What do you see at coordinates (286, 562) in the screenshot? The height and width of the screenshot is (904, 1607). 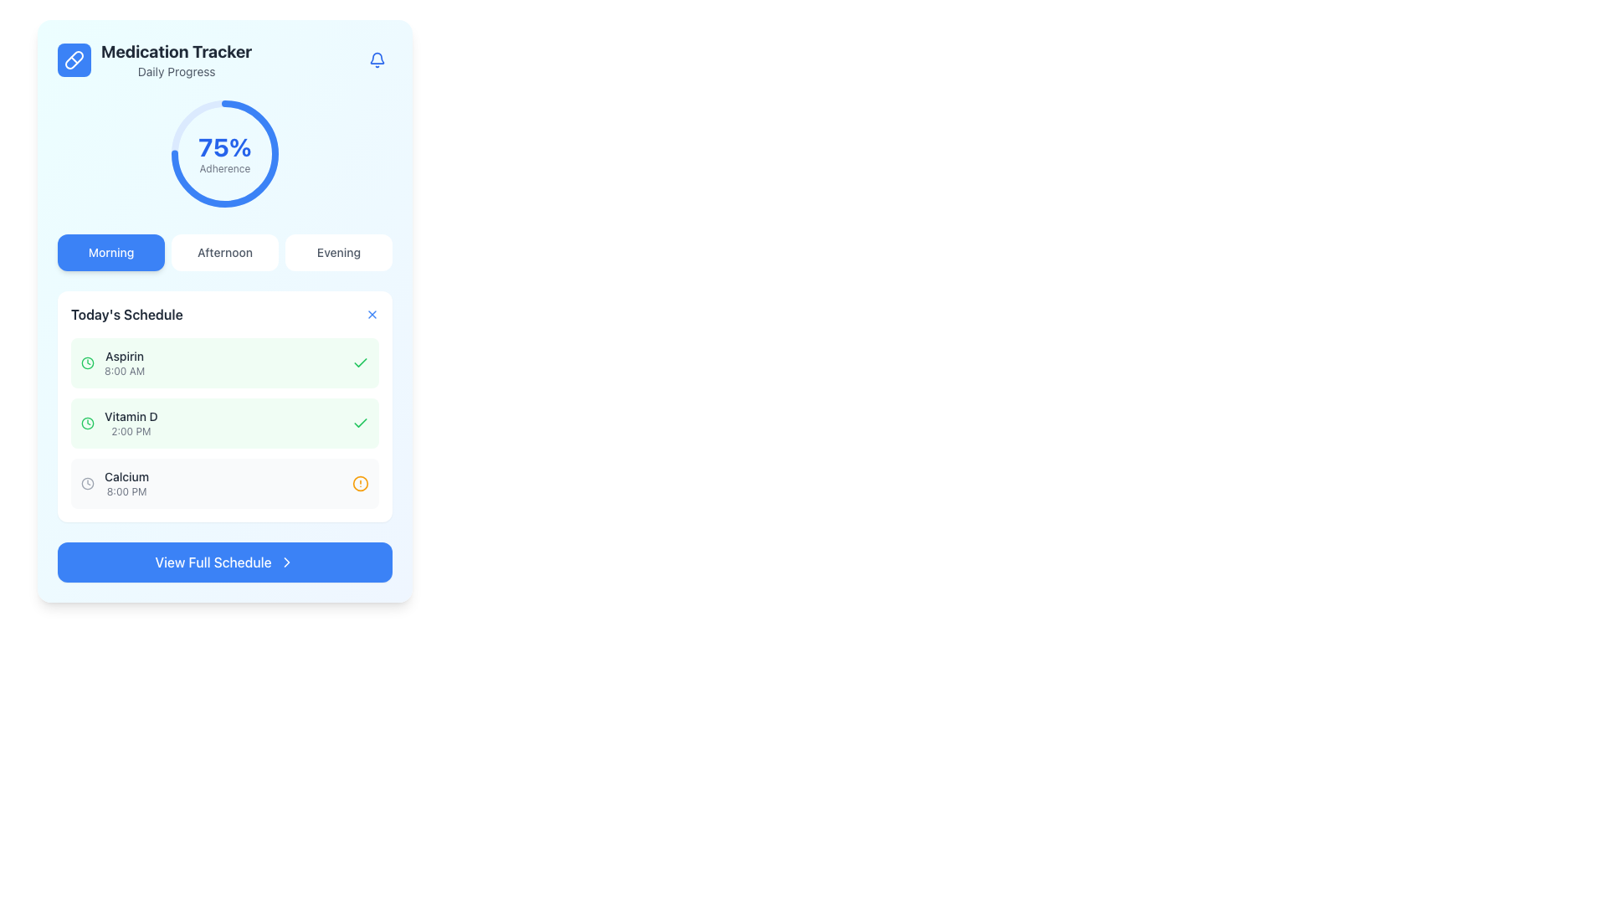 I see `the decorative element located on the right-hand side of the 'View Full Schedule' button to indicate that it serves as an interactive navigation icon` at bounding box center [286, 562].